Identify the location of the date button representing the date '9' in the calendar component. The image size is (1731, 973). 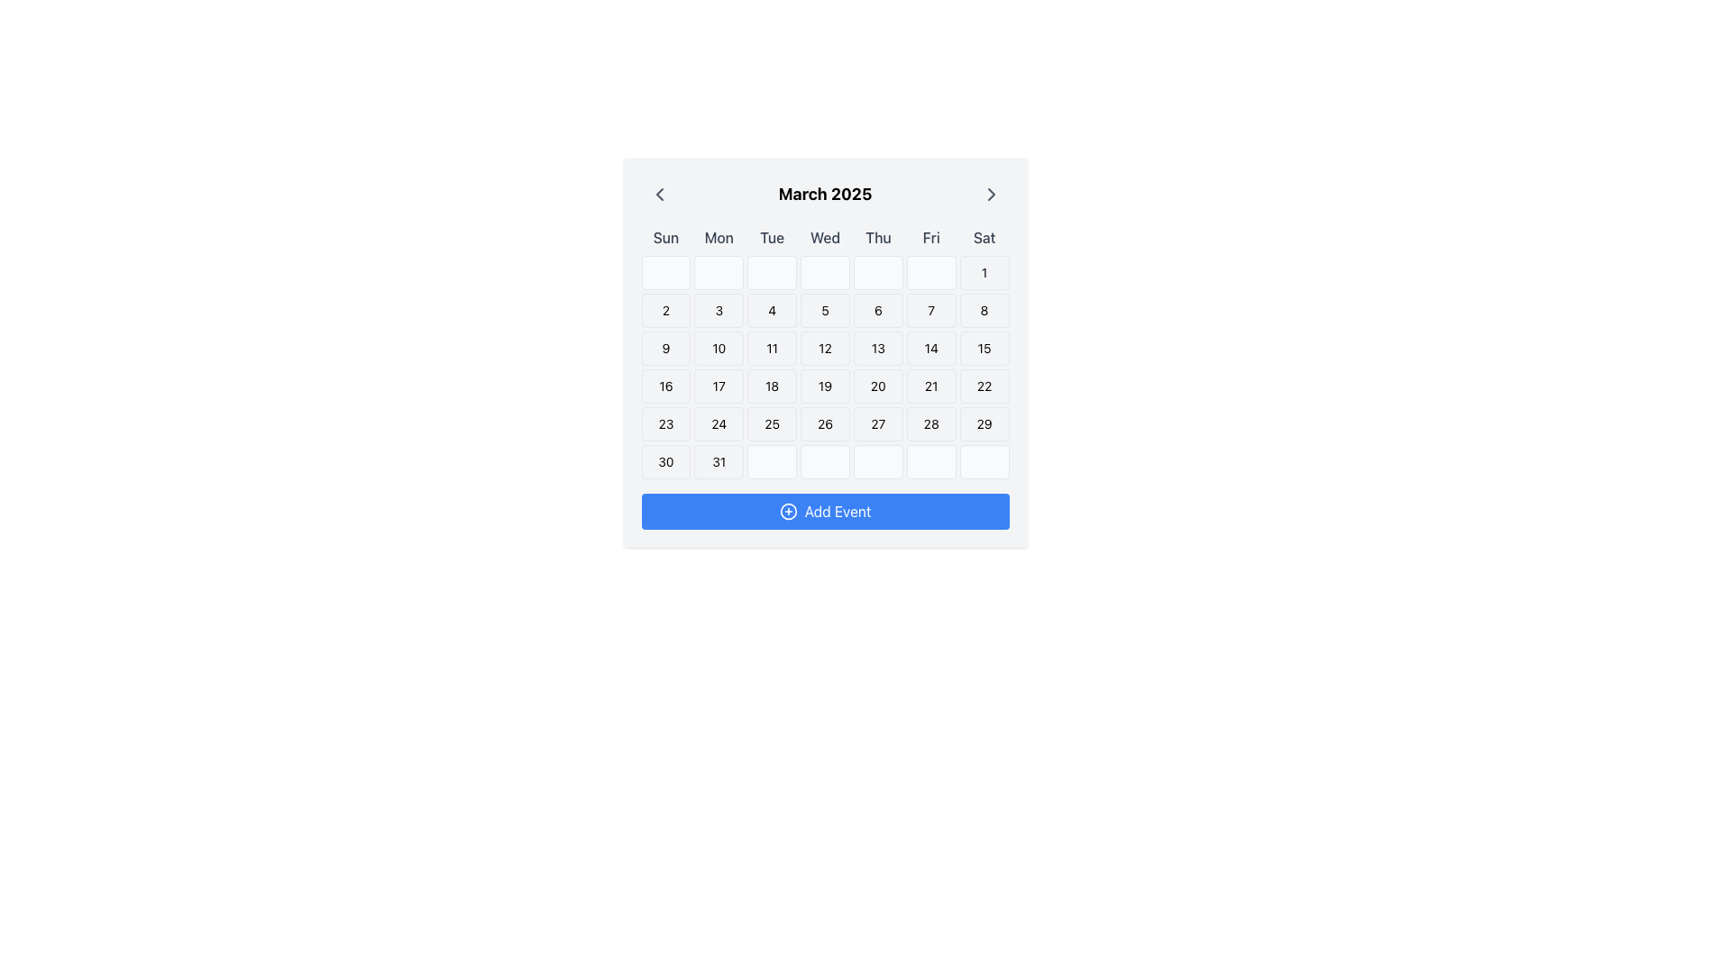
(665, 348).